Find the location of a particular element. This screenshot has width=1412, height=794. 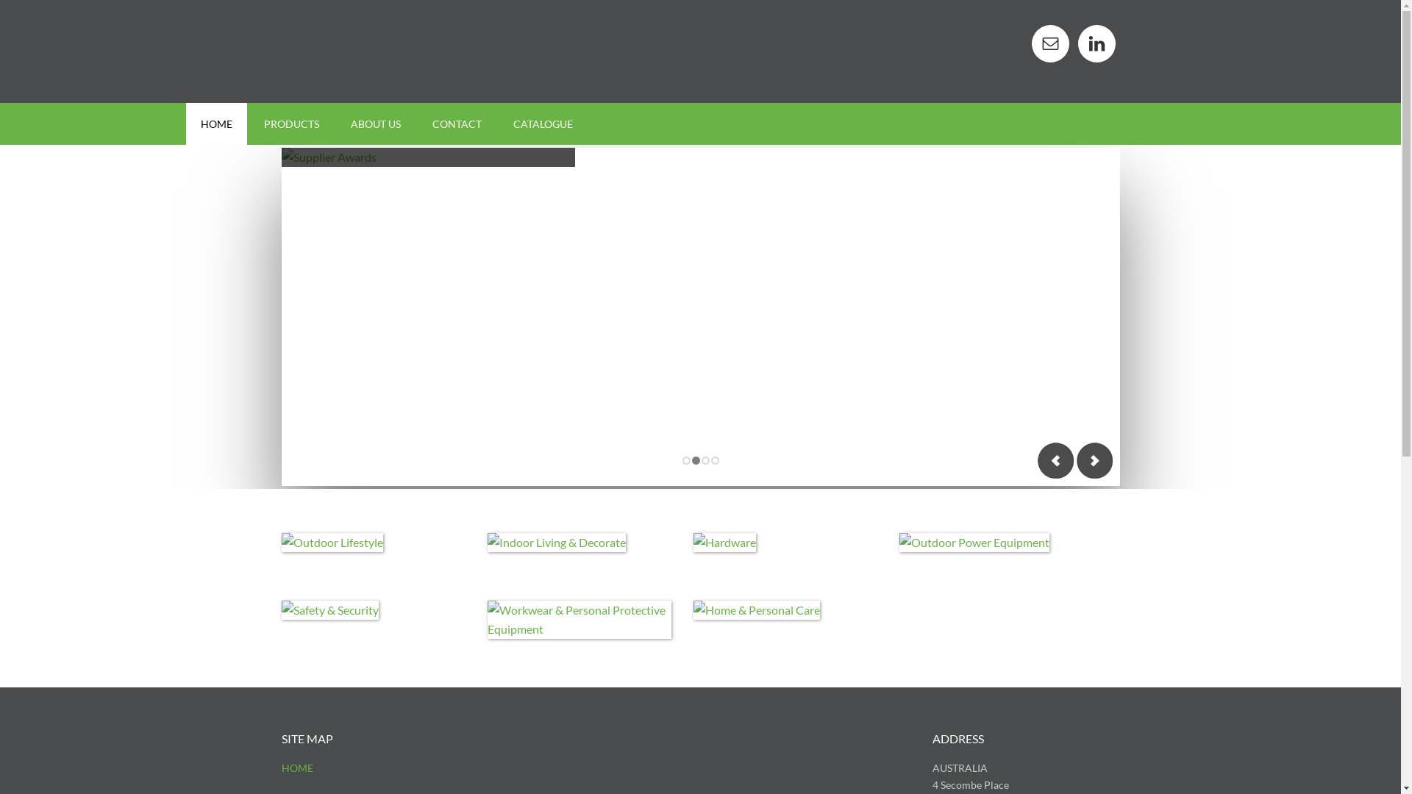

'ABOUT US' is located at coordinates (335, 123).